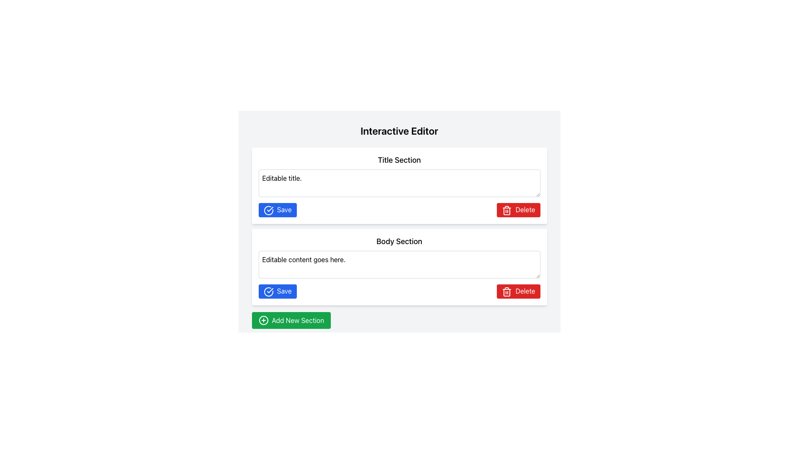  Describe the element at coordinates (268, 210) in the screenshot. I see `the circular blue icon with a checkmark inside, located to the left of the 'Save' label` at that location.